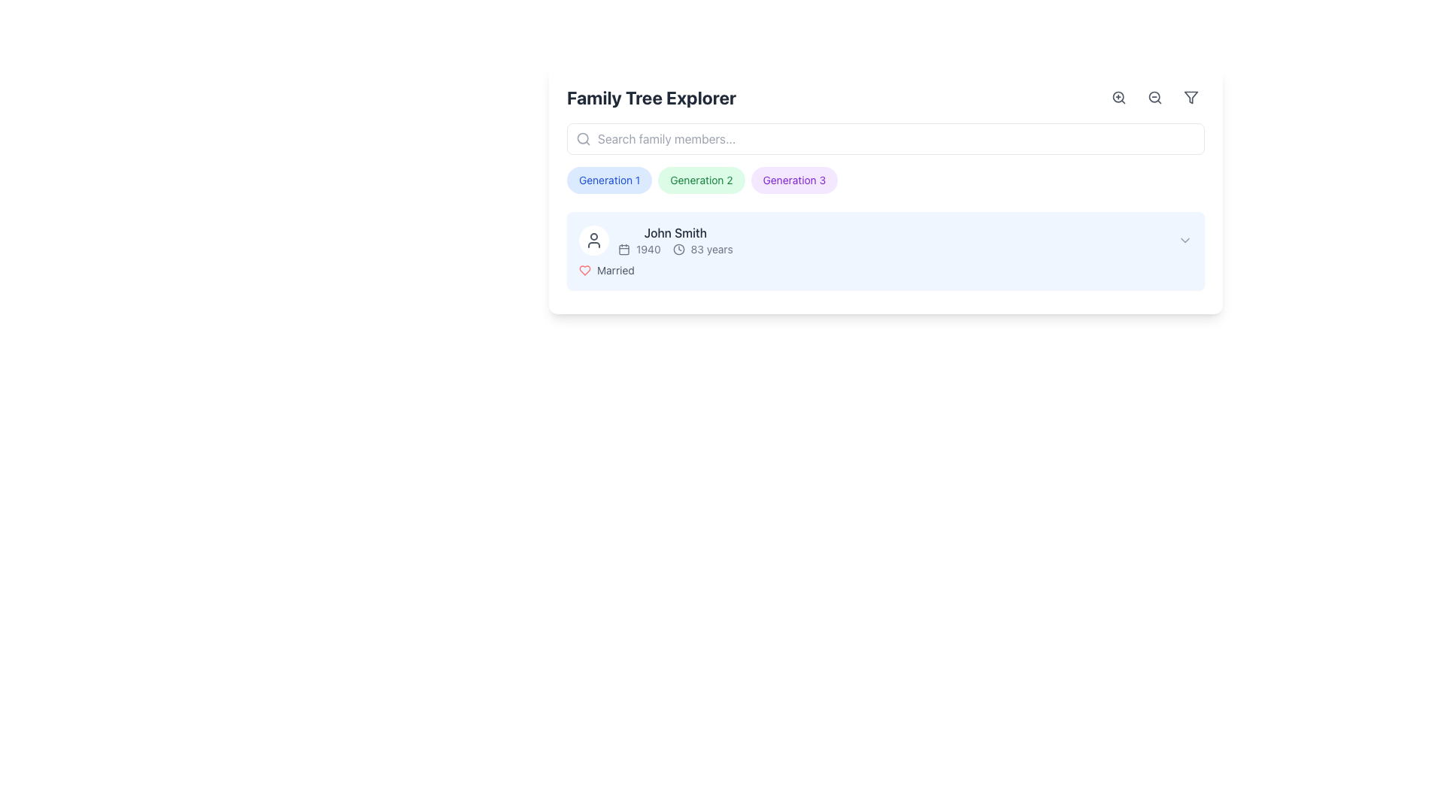 The image size is (1444, 812). Describe the element at coordinates (624, 248) in the screenshot. I see `the calendar icon located to the left of the '1940' text in the individual's detail section` at that location.